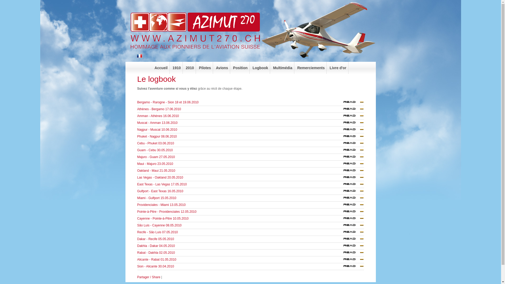 The width and height of the screenshot is (505, 284). What do you see at coordinates (352, 266) in the screenshot?
I see `'Sion - Alicante 30.04.2010'` at bounding box center [352, 266].